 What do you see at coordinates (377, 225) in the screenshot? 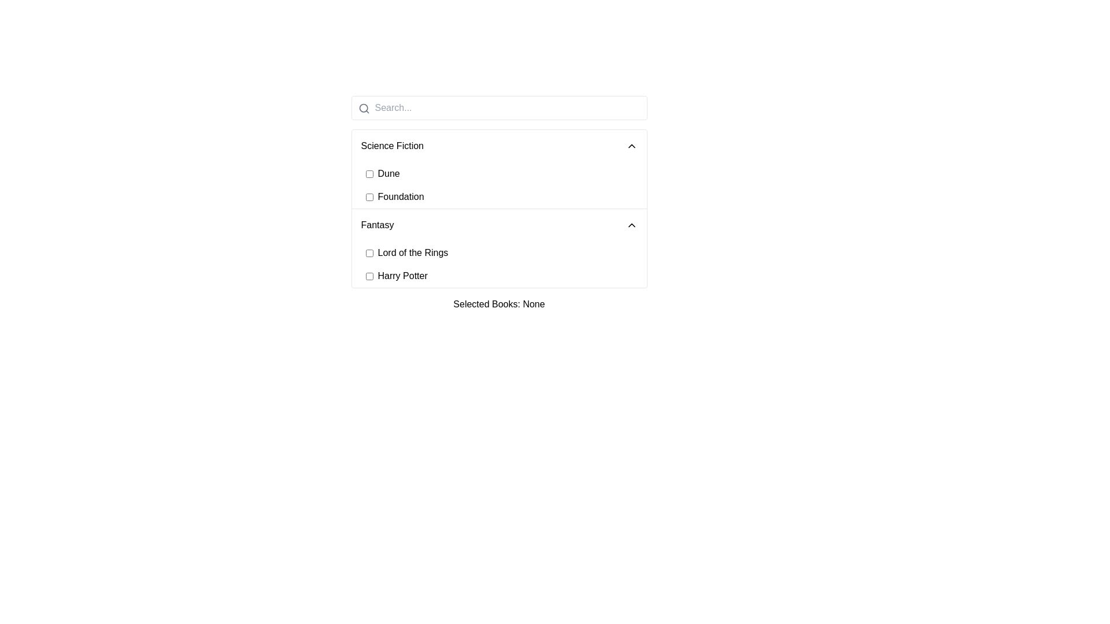
I see `the 'Fantasy' label, which is styled in bold black font and positioned within the dropdown menu section below 'Science Fiction'` at bounding box center [377, 225].